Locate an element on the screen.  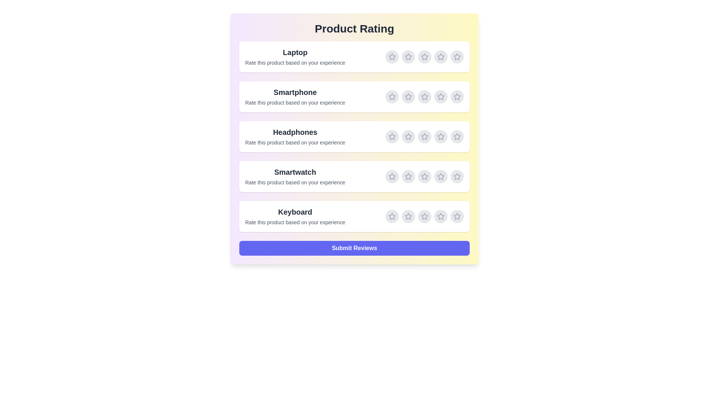
the rating for Smartwatch to 2 stars is located at coordinates (408, 177).